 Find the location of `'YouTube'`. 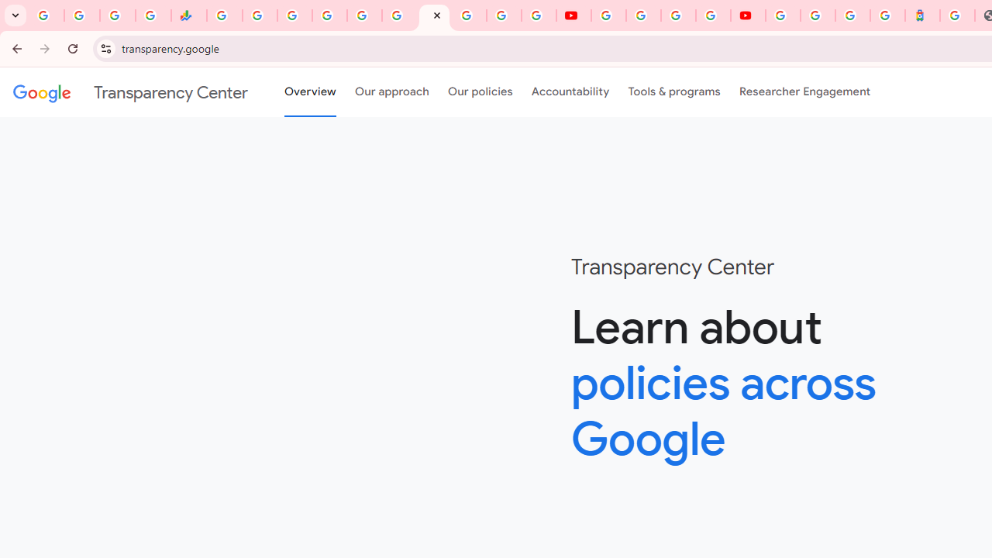

'YouTube' is located at coordinates (608, 15).